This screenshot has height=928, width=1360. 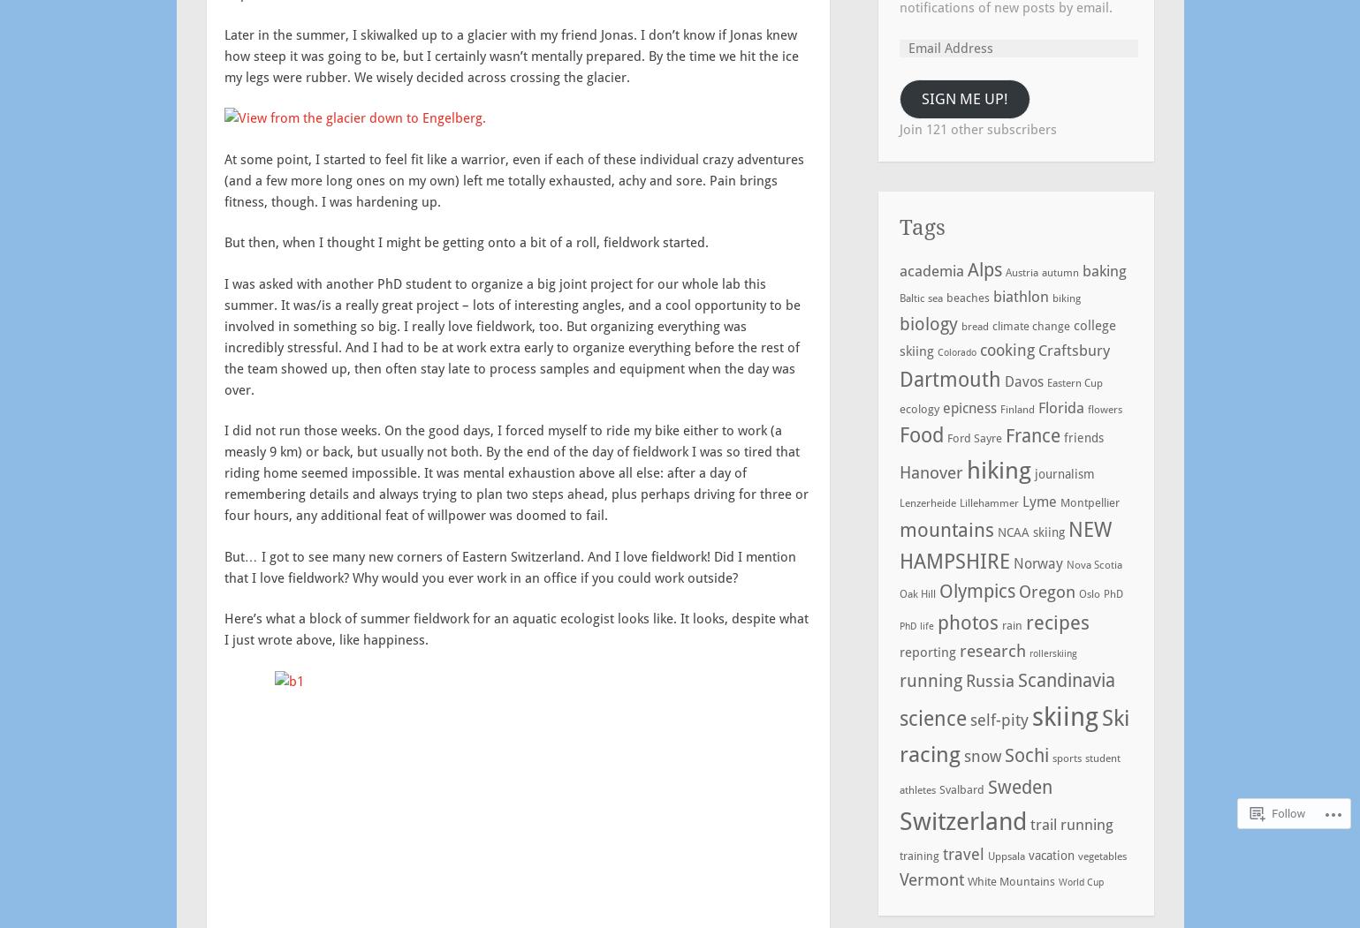 I want to click on 'Colorado', so click(x=955, y=351).